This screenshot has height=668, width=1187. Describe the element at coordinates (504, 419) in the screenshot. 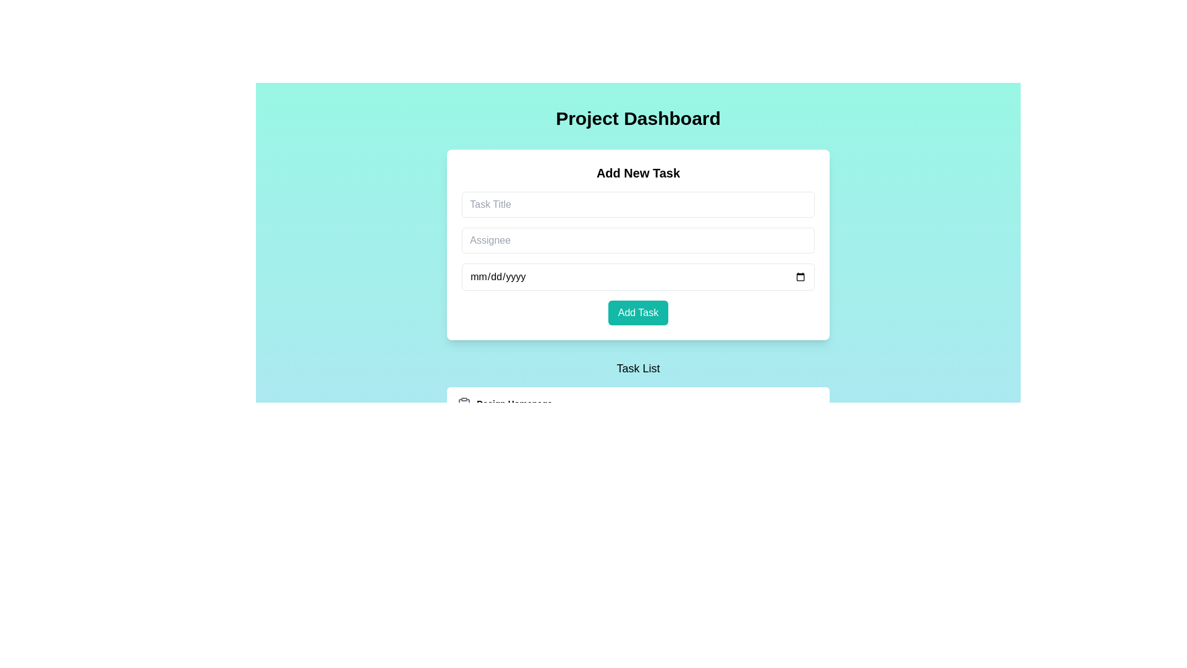

I see `the task information for the task item located in the top left corner of the task item block below 'Add New Task'` at that location.